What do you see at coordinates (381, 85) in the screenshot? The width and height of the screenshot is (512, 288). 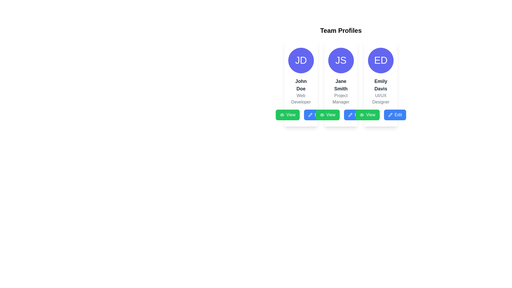 I see `displayed text of the name element, which is positioned below the avatar icon 'ED' and above the subtitle 'UI/UX Designer' in the rightmost card among three cards` at bounding box center [381, 85].